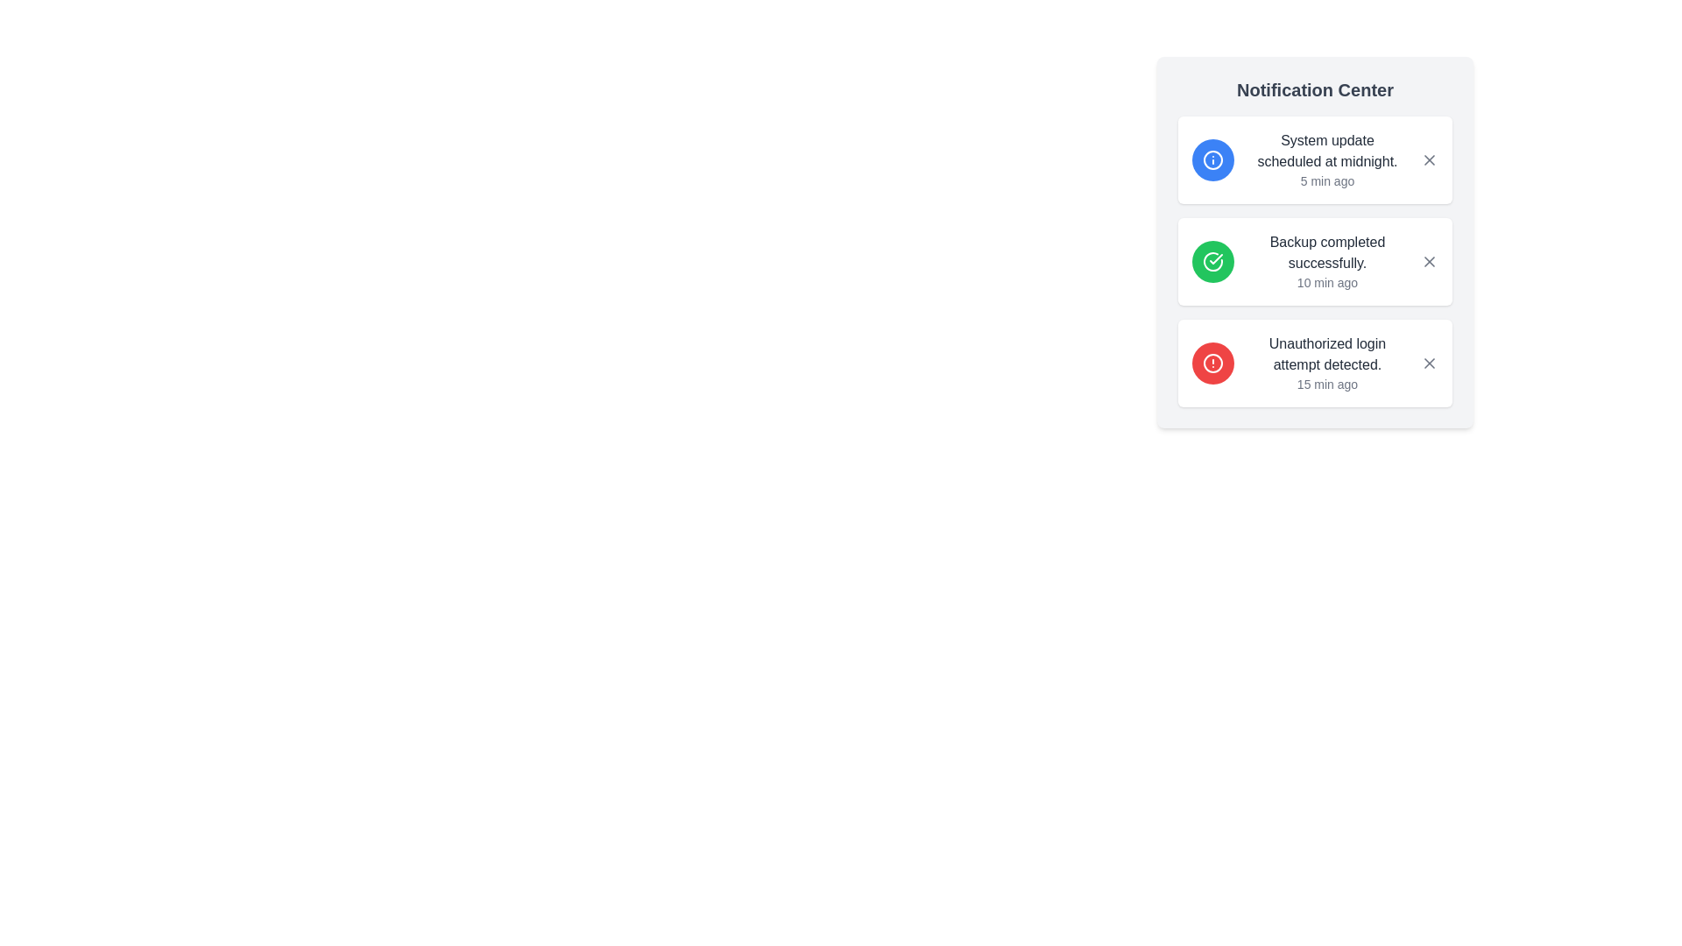 Image resolution: width=1682 pixels, height=946 pixels. Describe the element at coordinates (1327, 355) in the screenshot. I see `informational text label about an unauthorized login attempt located at the bottommost item of the notification list` at that location.